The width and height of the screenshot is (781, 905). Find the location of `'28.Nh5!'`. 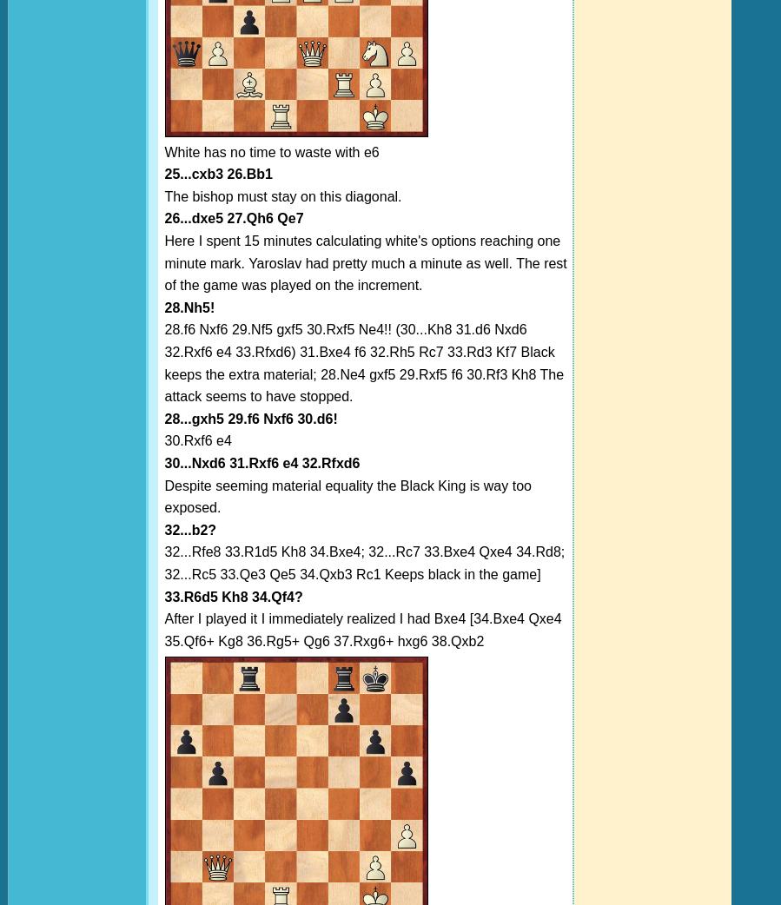

'28.Nh5!' is located at coordinates (163, 306).